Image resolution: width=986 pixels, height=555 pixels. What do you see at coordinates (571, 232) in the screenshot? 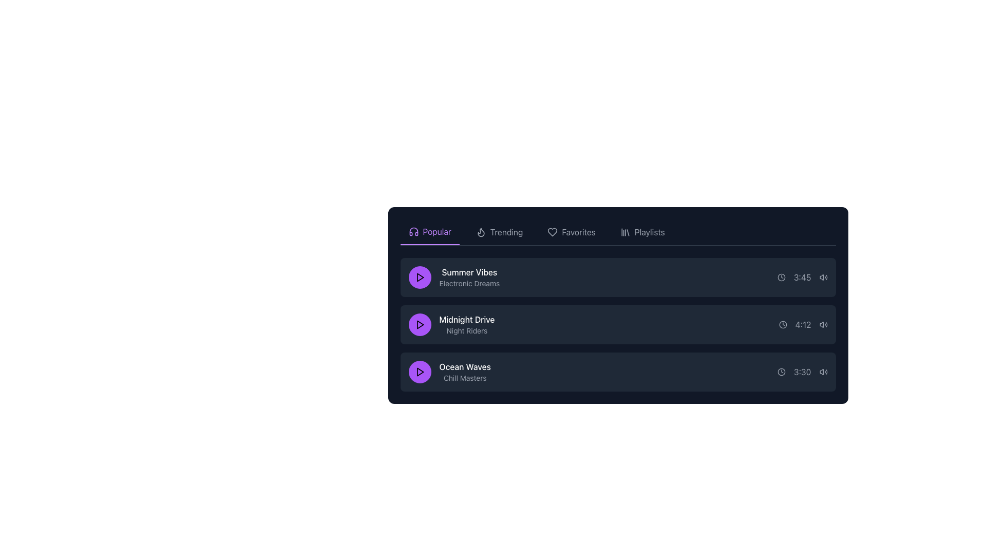
I see `the 'Favorites' button, which is the third item` at bounding box center [571, 232].